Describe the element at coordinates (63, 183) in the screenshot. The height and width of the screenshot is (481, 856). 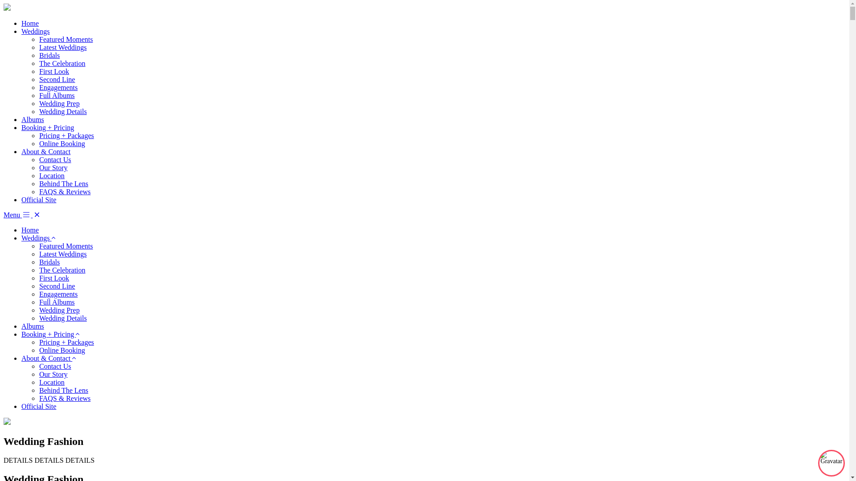
I see `'Behind The Lens'` at that location.